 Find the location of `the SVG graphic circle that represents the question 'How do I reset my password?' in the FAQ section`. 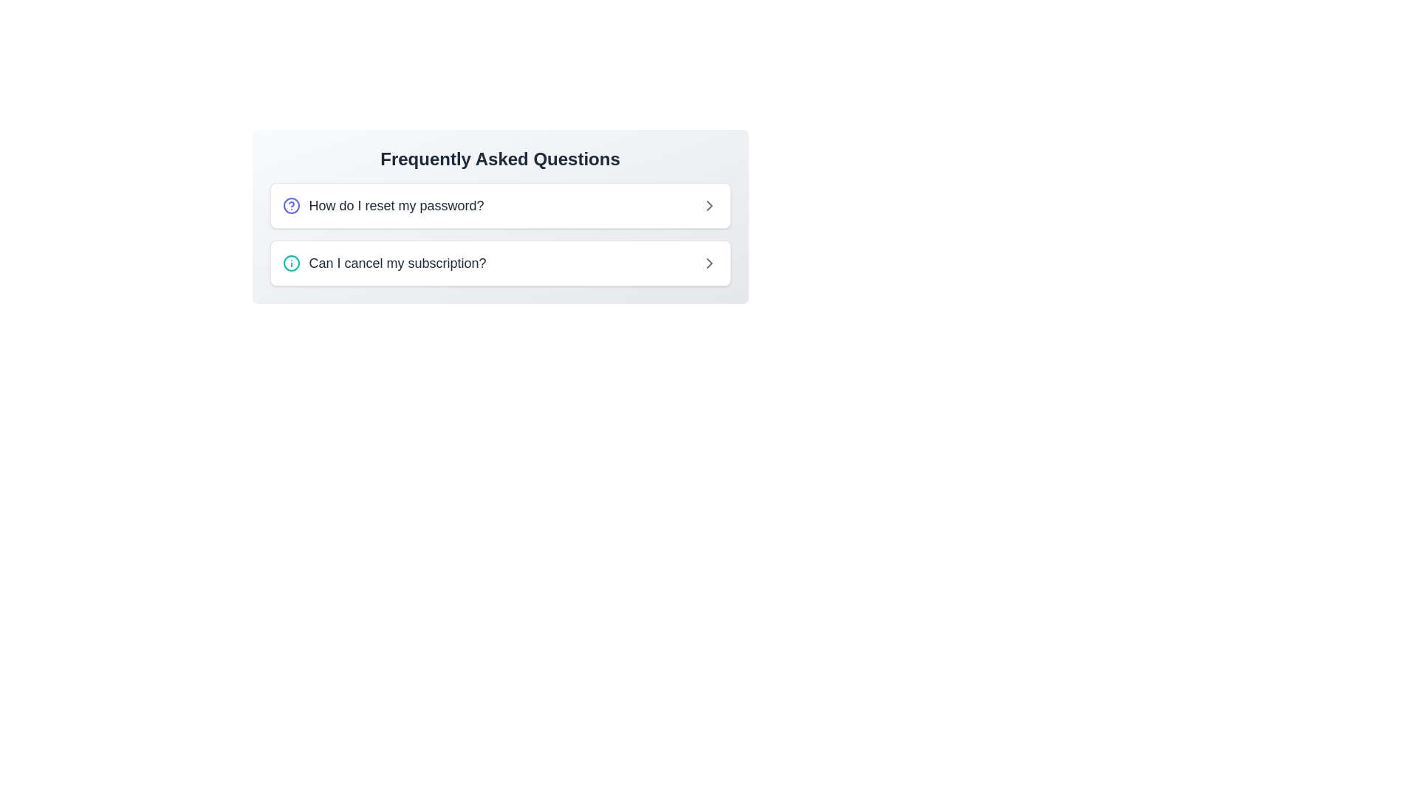

the SVG graphic circle that represents the question 'How do I reset my password?' in the FAQ section is located at coordinates (291, 205).